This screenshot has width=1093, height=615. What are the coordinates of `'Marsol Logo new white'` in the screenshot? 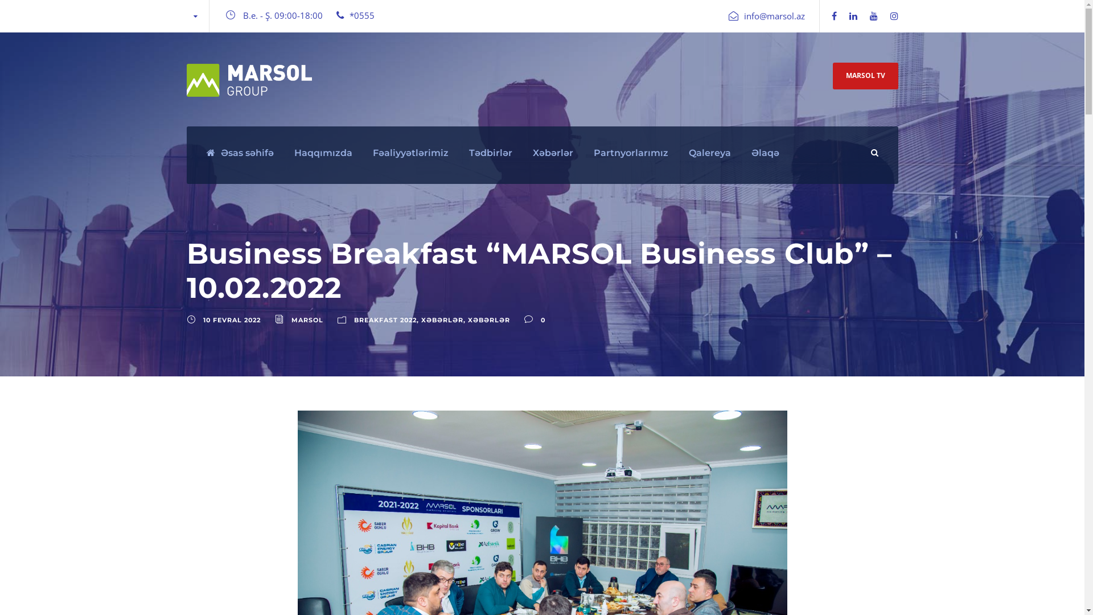 It's located at (248, 80).